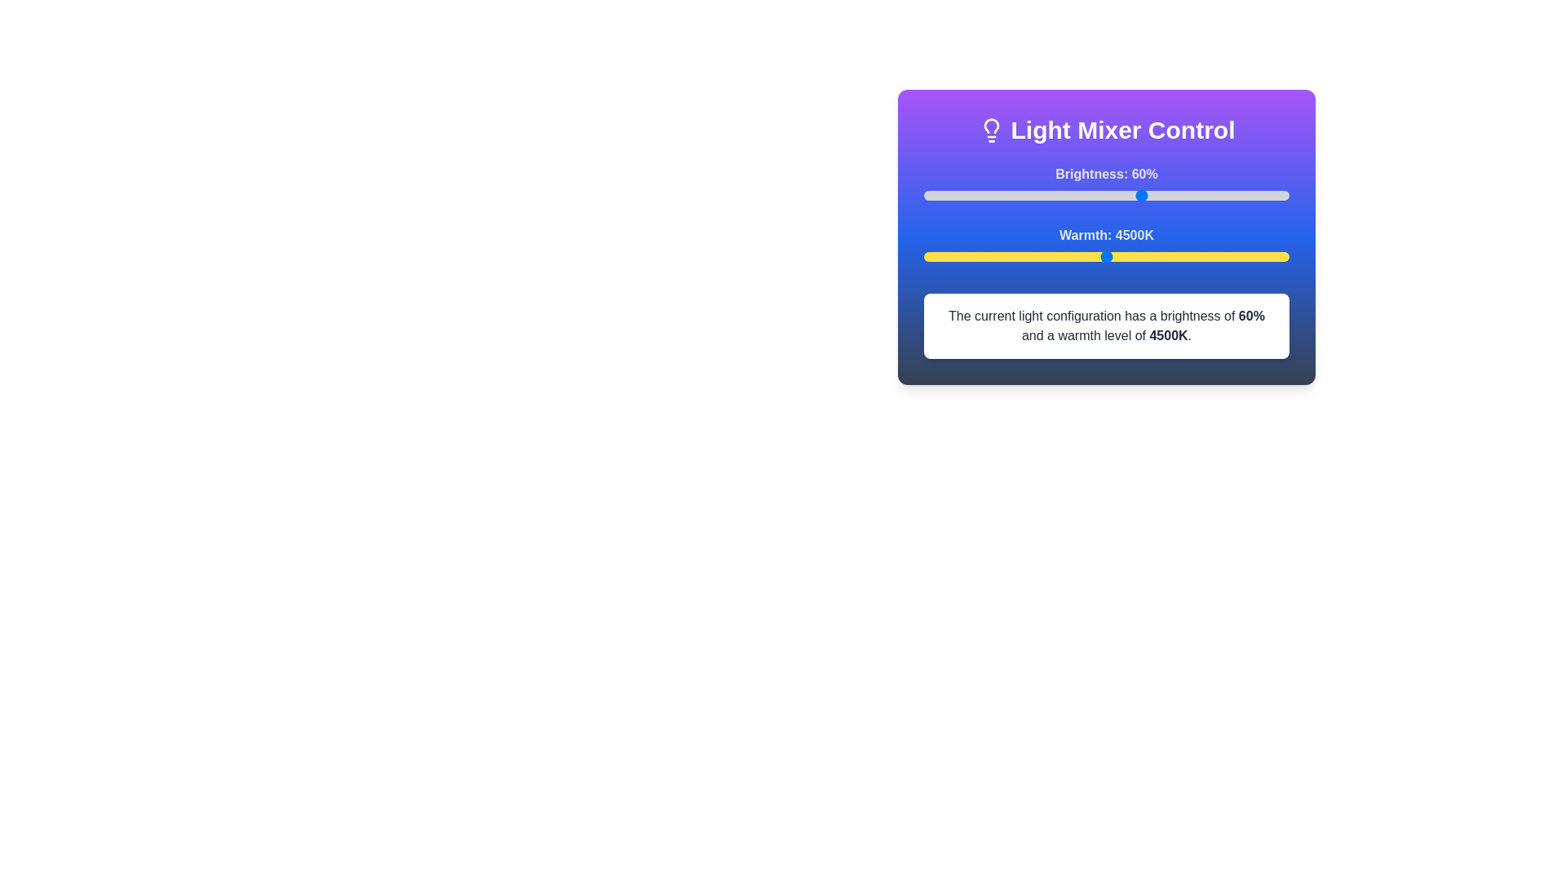 The image size is (1566, 881). Describe the element at coordinates (1281, 194) in the screenshot. I see `the brightness slider to 98%` at that location.